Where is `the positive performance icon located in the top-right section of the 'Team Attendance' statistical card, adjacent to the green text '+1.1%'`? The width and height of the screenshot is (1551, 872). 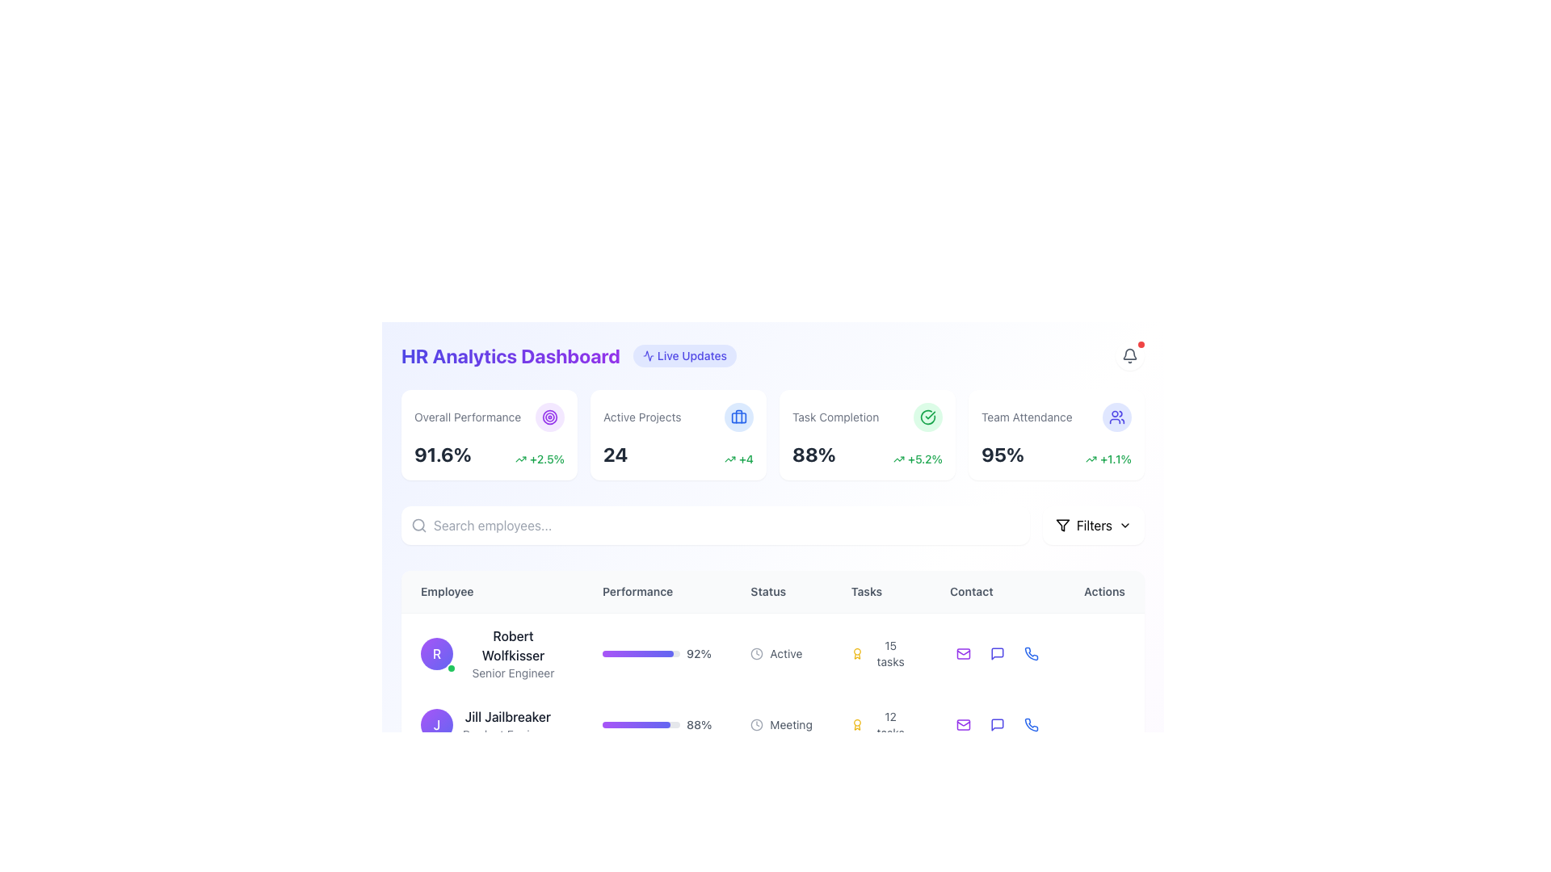
the positive performance icon located in the top-right section of the 'Team Attendance' statistical card, adjacent to the green text '+1.1%' is located at coordinates (1091, 459).